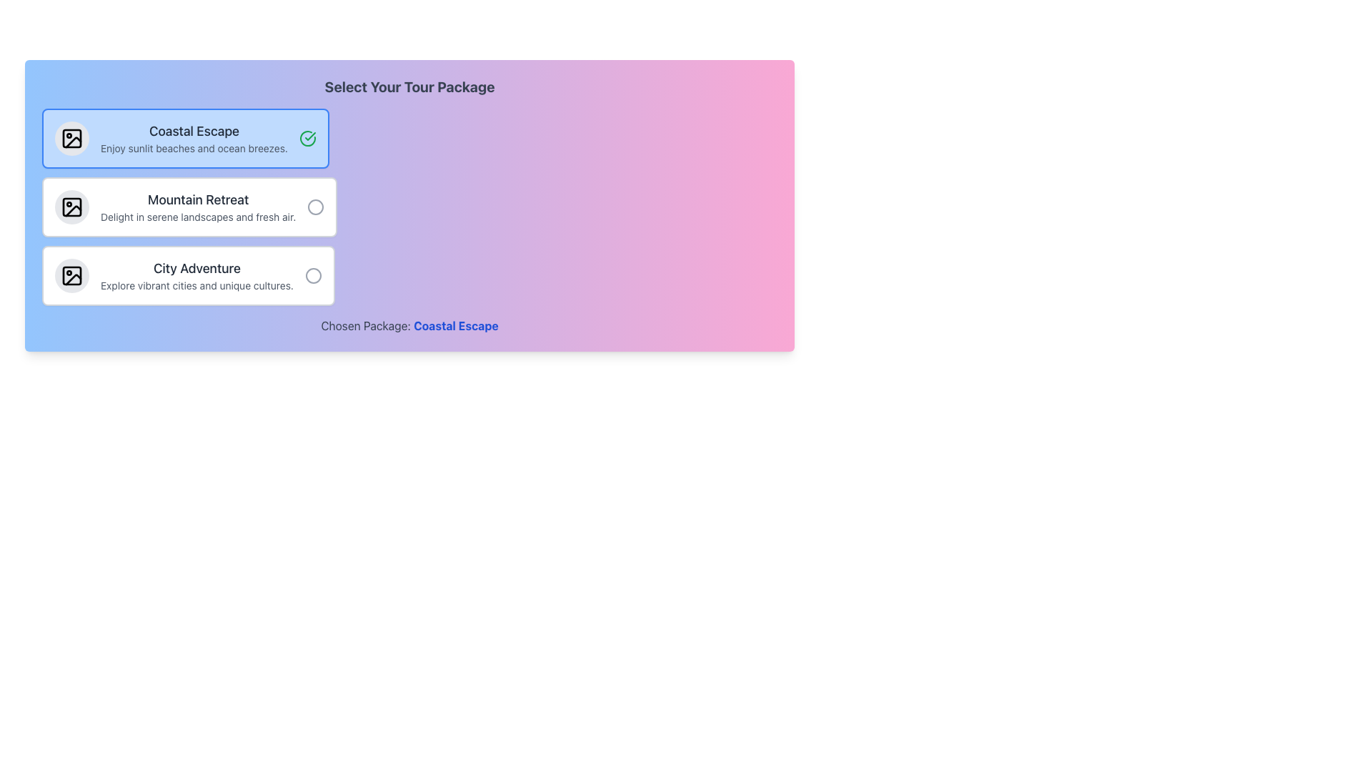  Describe the element at coordinates (314, 207) in the screenshot. I see `the circular radio button indicator for the 'Mountain Retreat' option` at that location.